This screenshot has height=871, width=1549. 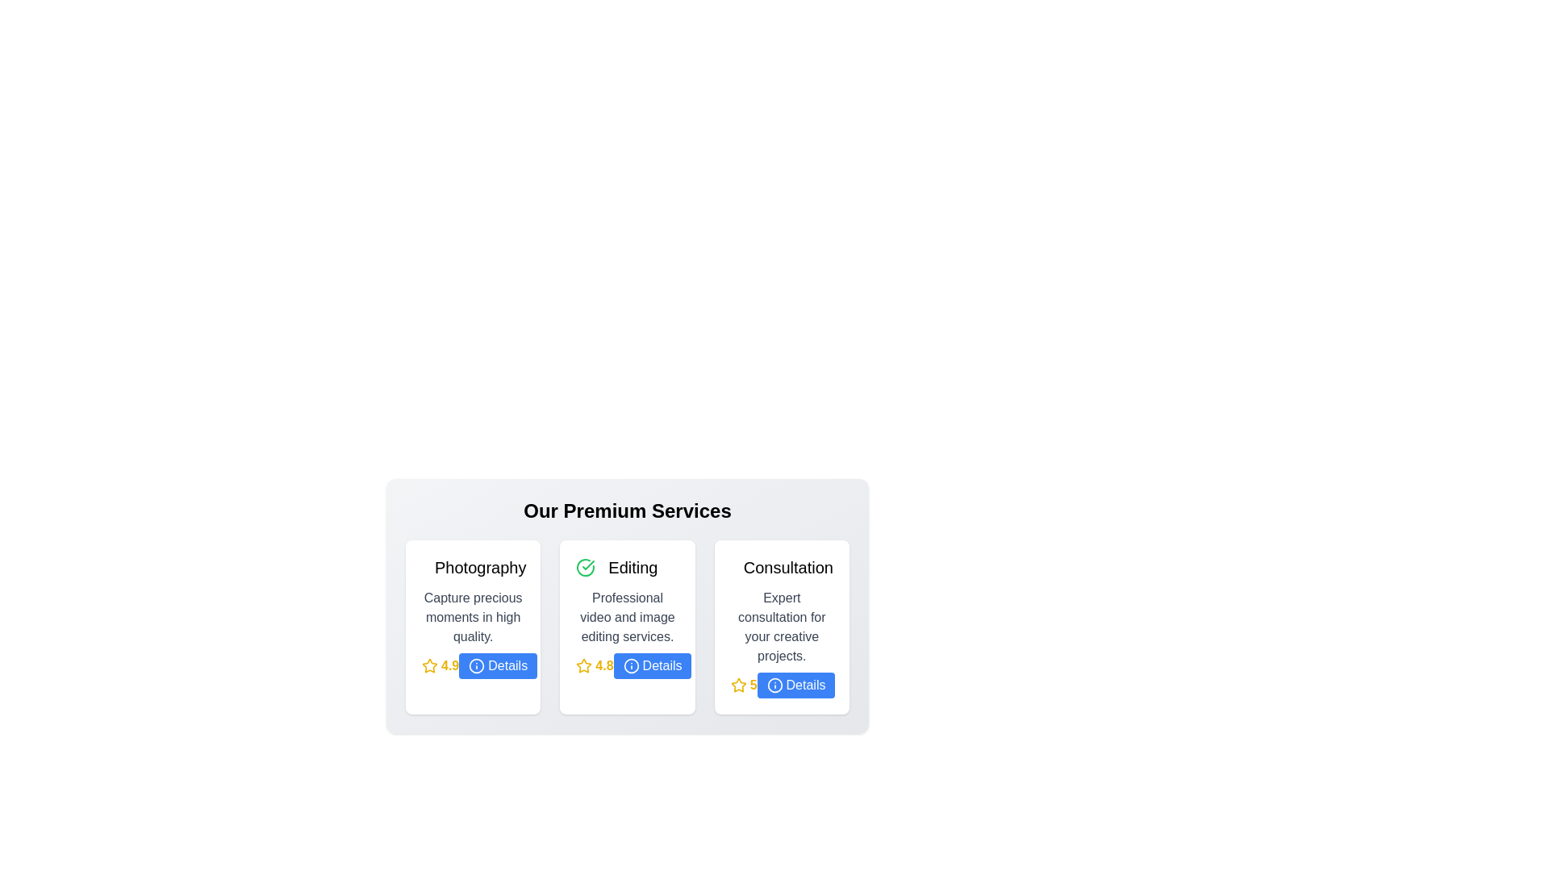 What do you see at coordinates (440, 665) in the screenshot?
I see `the star rating for a service to 2 stars` at bounding box center [440, 665].